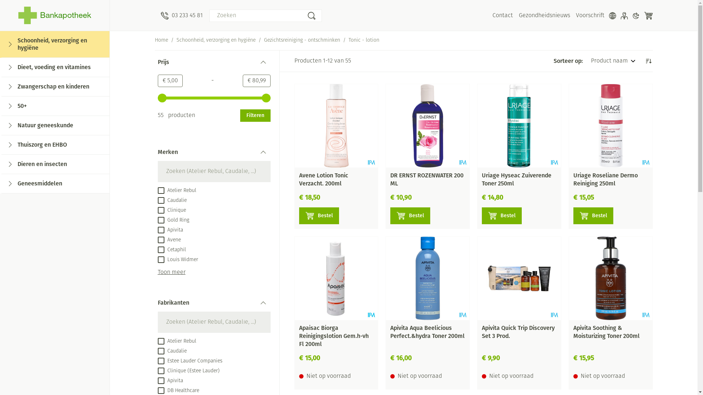  Describe the element at coordinates (55, 106) in the screenshot. I see `'50+'` at that location.